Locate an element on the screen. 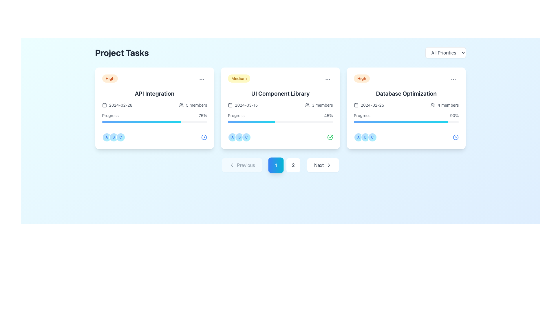  the informational content element displaying the date '2024-02-25' and description '4 members' with accompanying icons, located within the 'Database Optimization' card is located at coordinates (406, 105).